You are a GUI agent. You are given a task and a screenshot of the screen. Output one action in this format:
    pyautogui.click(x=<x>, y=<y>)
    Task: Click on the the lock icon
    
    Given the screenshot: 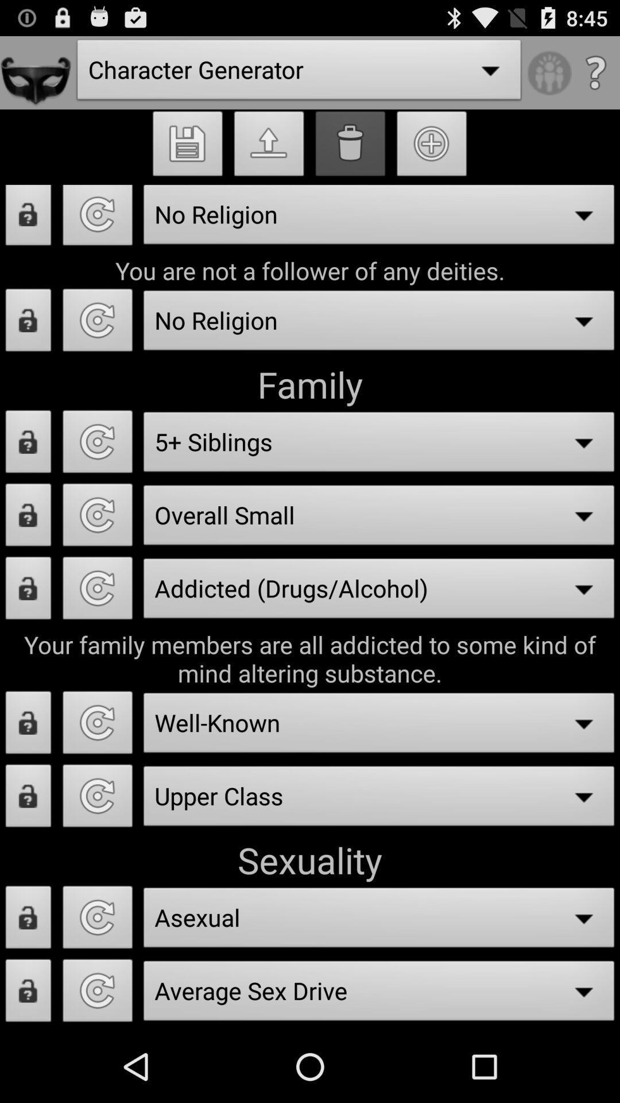 What is the action you would take?
    pyautogui.click(x=28, y=985)
    